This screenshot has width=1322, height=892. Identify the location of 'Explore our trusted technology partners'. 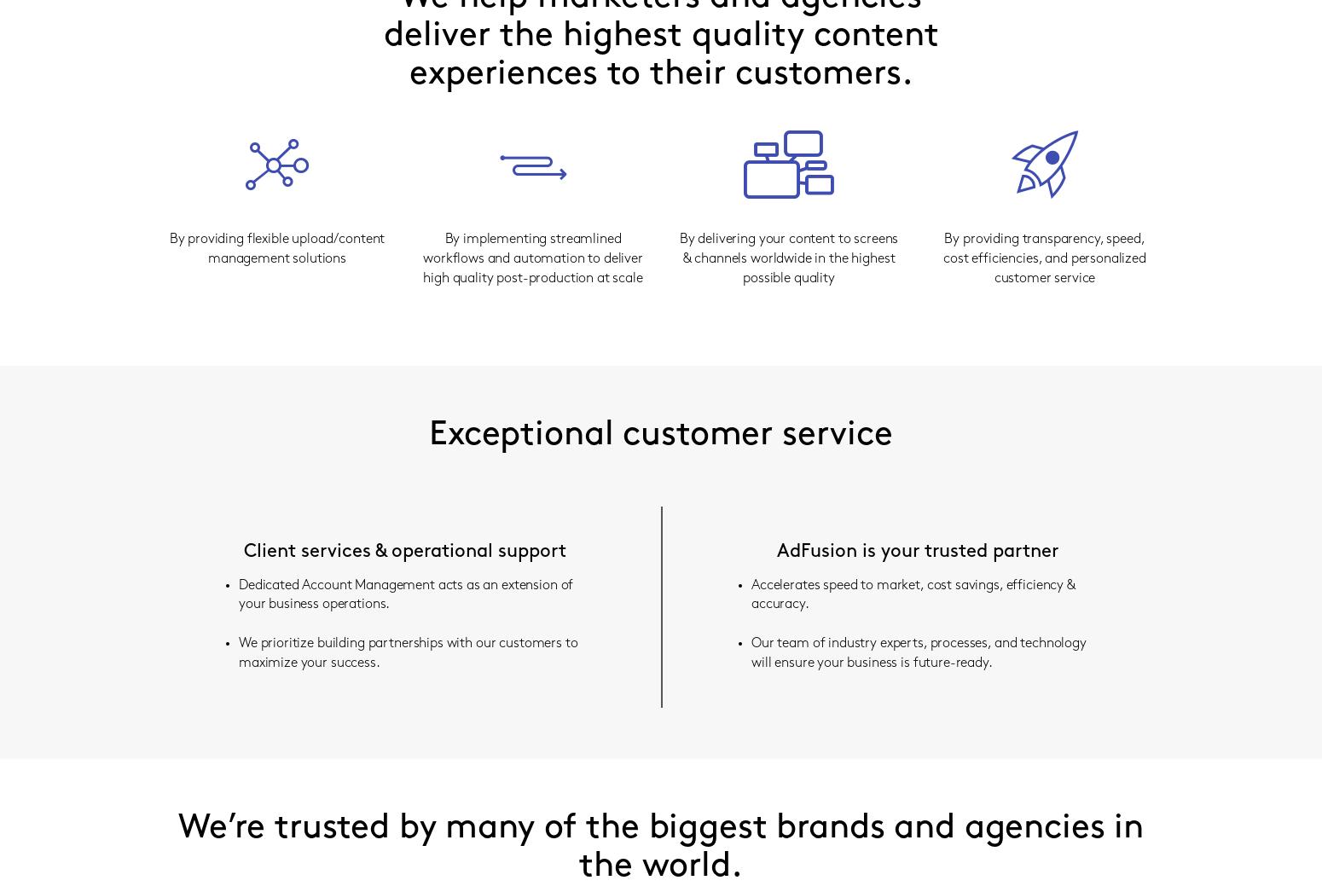
(761, 158).